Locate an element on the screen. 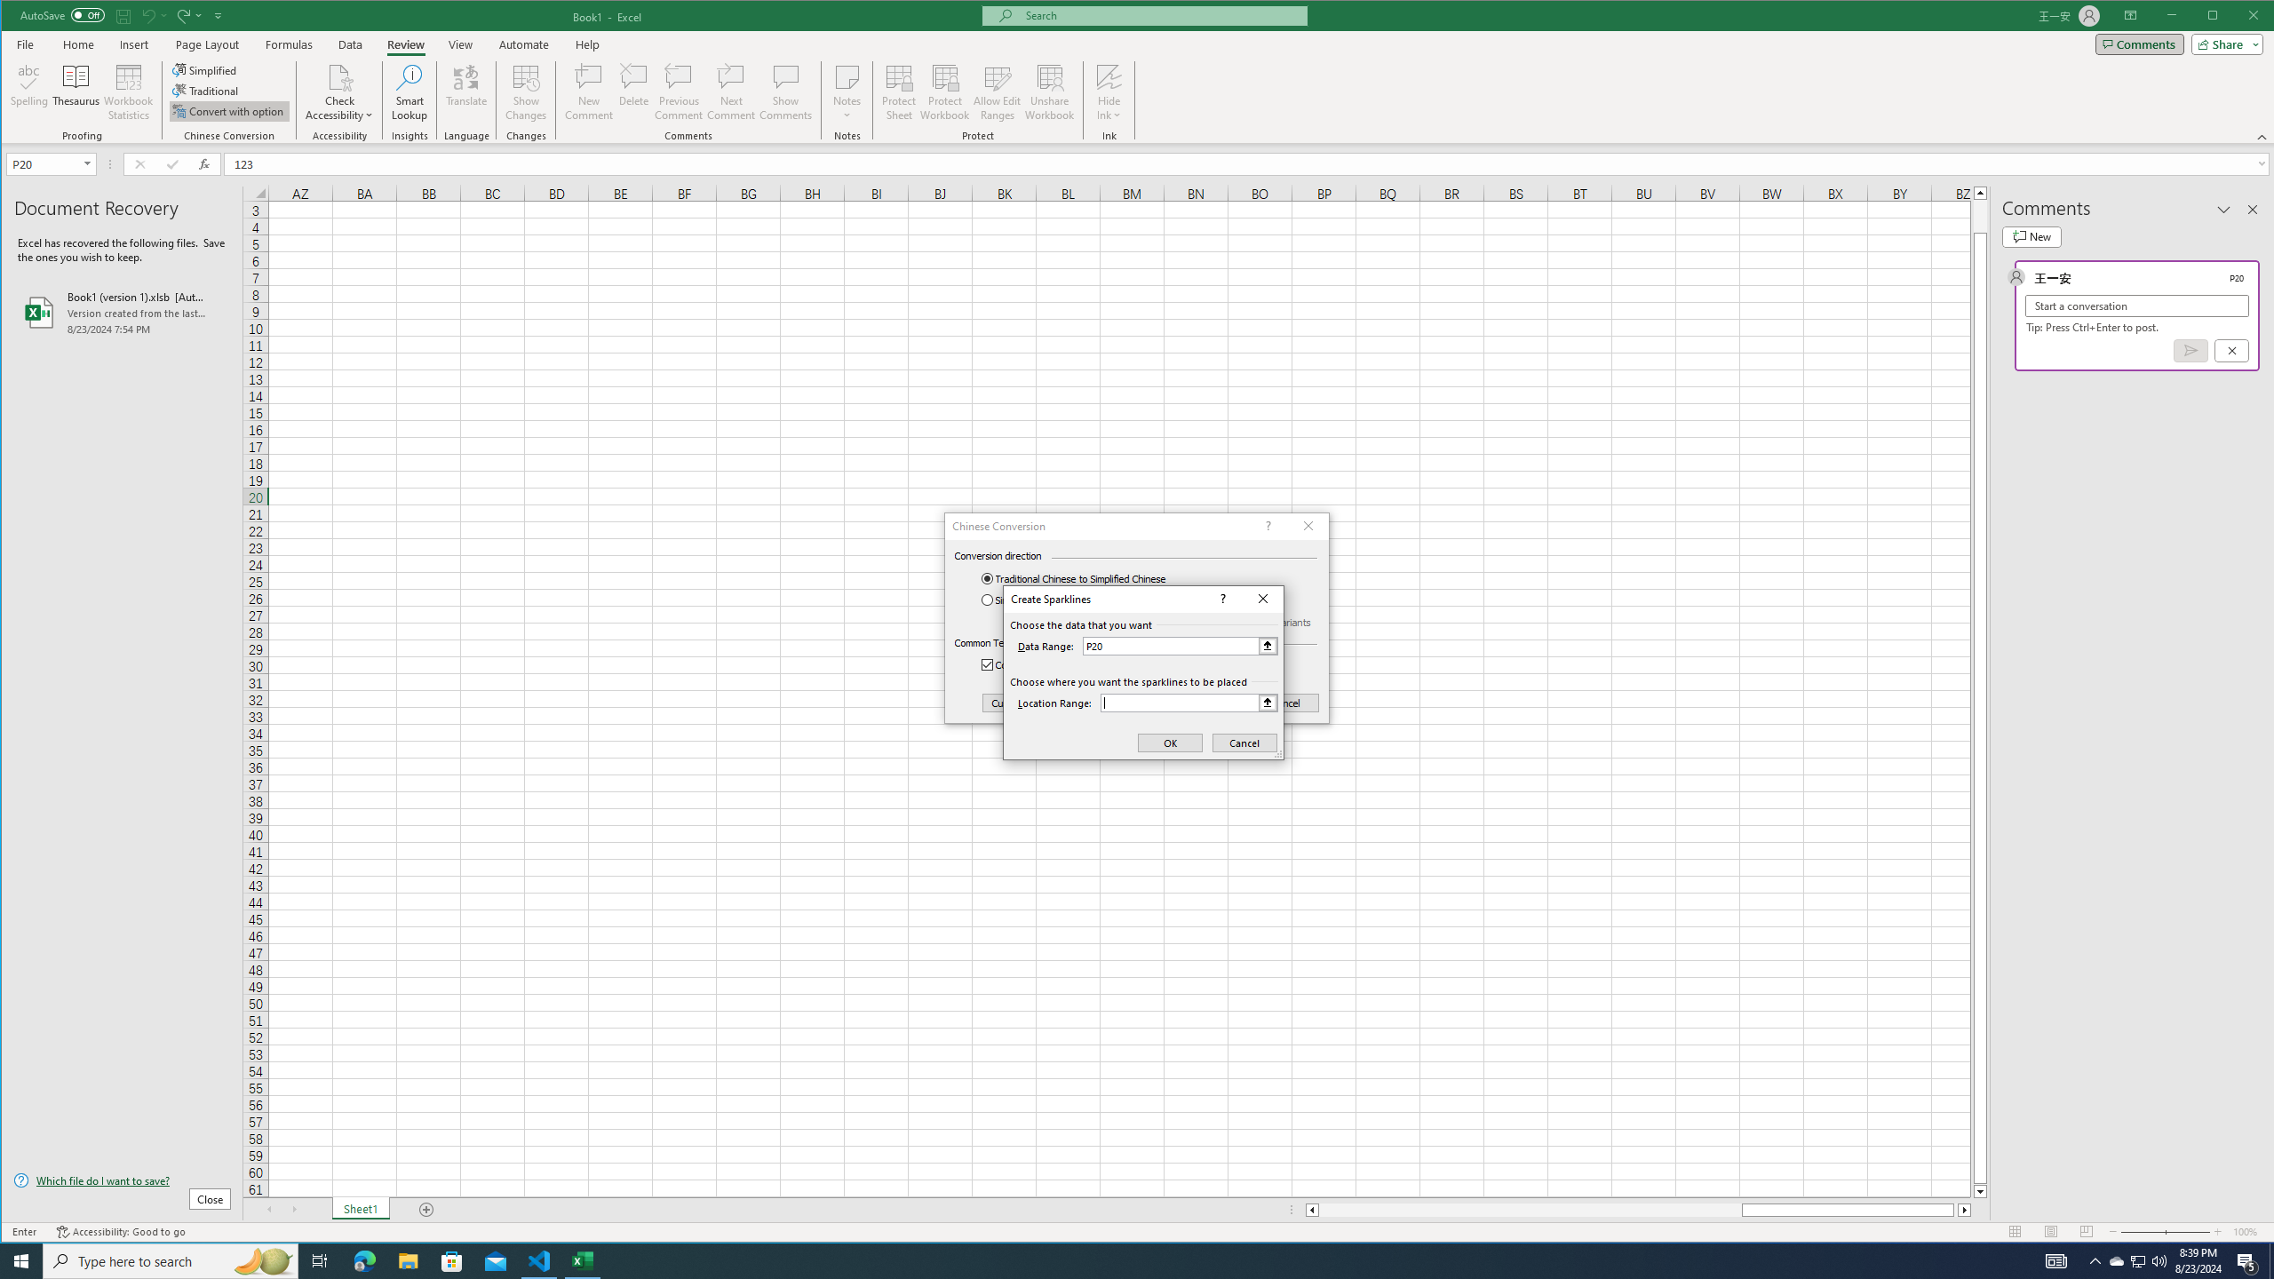 The height and width of the screenshot is (1279, 2274). 'AutomationID: 4105' is located at coordinates (2056, 1259).